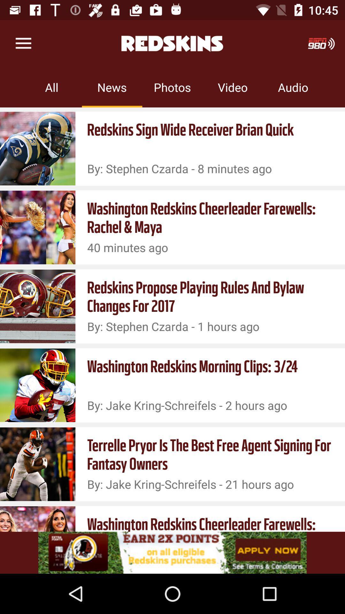  I want to click on adsence, so click(172, 552).